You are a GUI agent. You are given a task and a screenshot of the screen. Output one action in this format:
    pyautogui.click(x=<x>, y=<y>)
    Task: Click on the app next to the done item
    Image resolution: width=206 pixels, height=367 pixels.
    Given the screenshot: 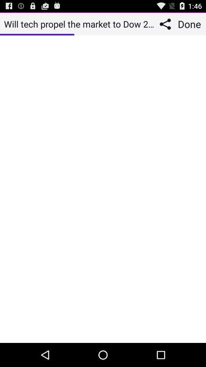 What is the action you would take?
    pyautogui.click(x=167, y=24)
    